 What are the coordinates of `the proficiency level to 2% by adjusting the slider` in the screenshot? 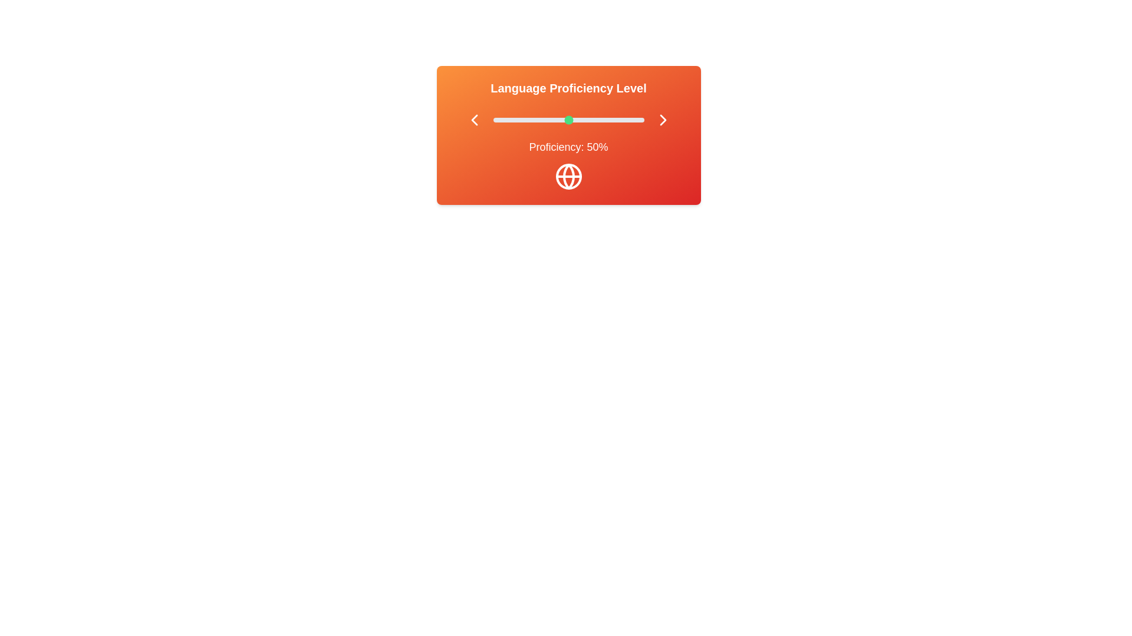 It's located at (496, 120).